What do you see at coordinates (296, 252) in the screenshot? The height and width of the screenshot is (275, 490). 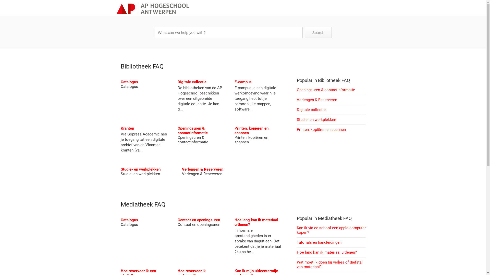 I see `'Hoe lang kan ik materiaal uitlenen?'` at bounding box center [296, 252].